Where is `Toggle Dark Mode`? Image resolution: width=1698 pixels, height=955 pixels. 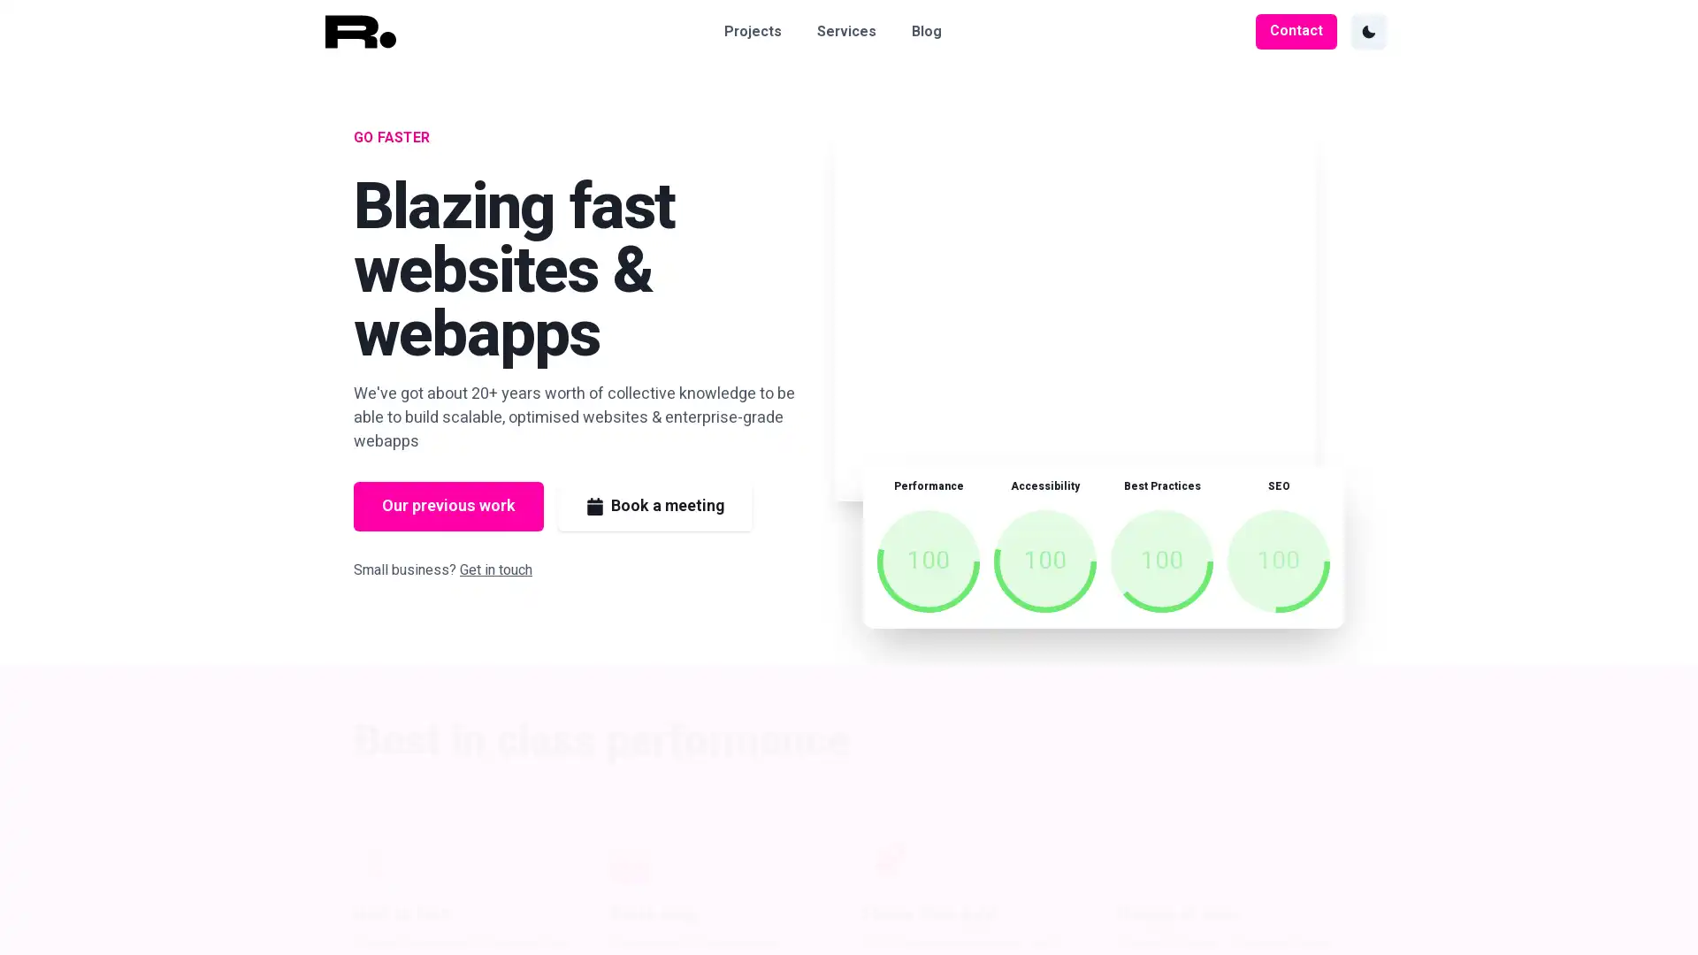 Toggle Dark Mode is located at coordinates (1367, 31).